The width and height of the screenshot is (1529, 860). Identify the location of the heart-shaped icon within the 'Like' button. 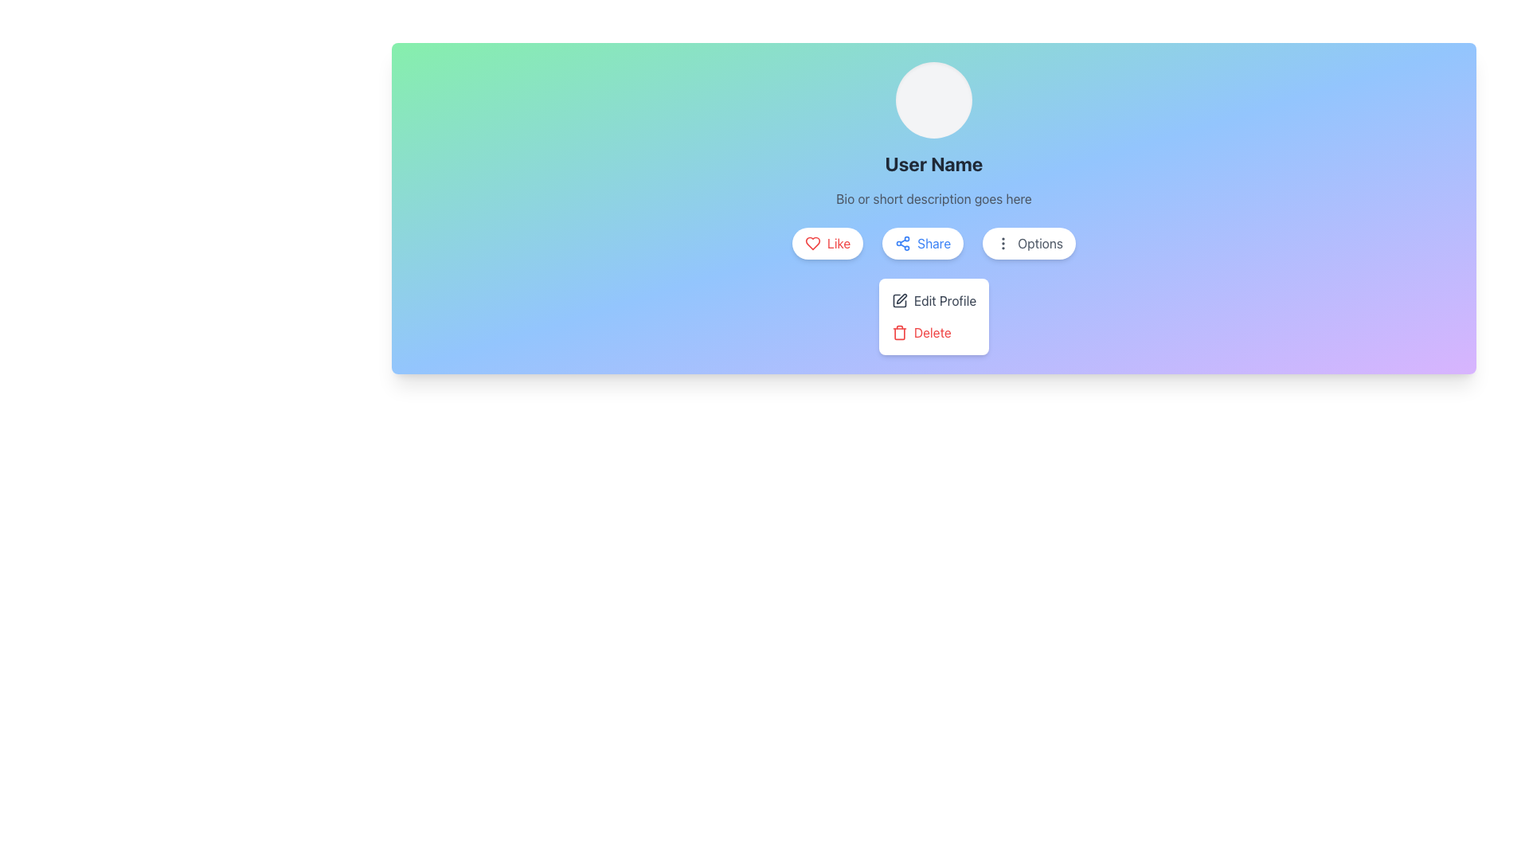
(813, 243).